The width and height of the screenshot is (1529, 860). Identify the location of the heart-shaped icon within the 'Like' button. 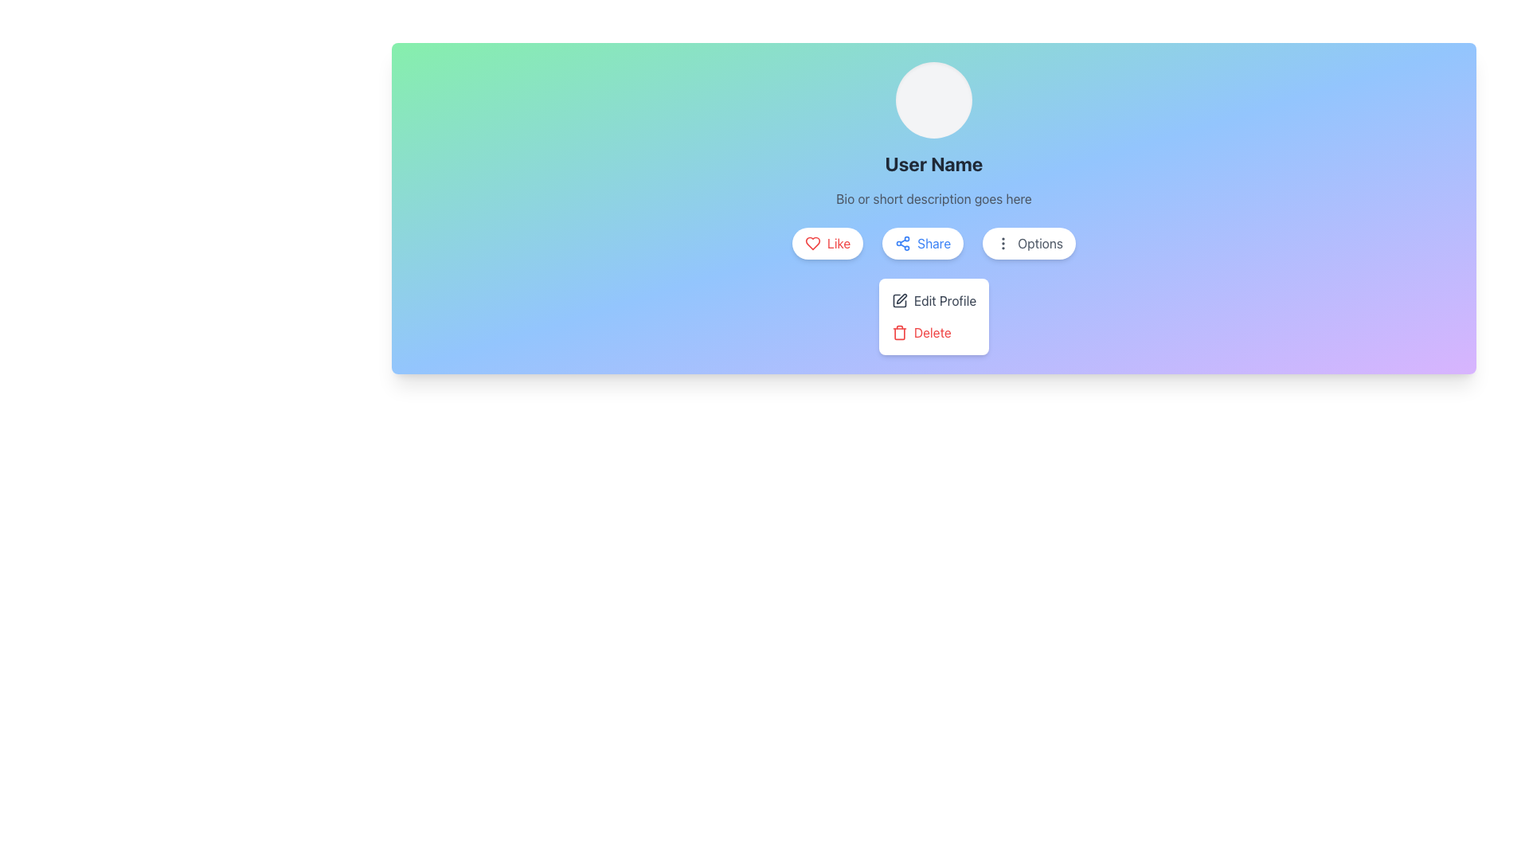
(813, 243).